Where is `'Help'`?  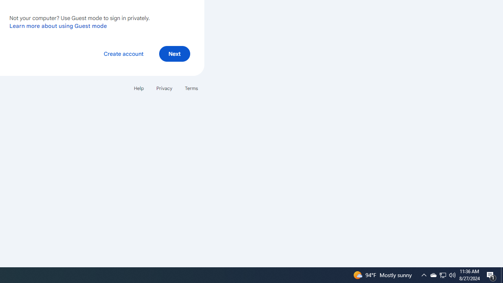
'Help' is located at coordinates (138, 88).